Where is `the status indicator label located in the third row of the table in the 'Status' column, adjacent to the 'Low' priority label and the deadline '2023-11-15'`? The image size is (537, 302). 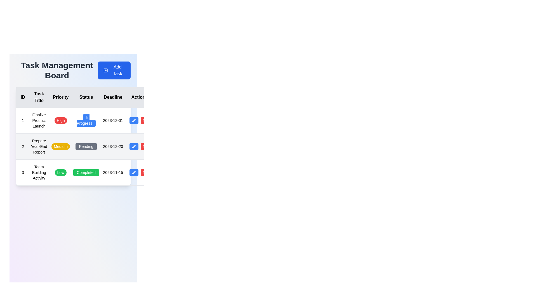 the status indicator label located in the third row of the table in the 'Status' column, adjacent to the 'Low' priority label and the deadline '2023-11-15' is located at coordinates (86, 172).